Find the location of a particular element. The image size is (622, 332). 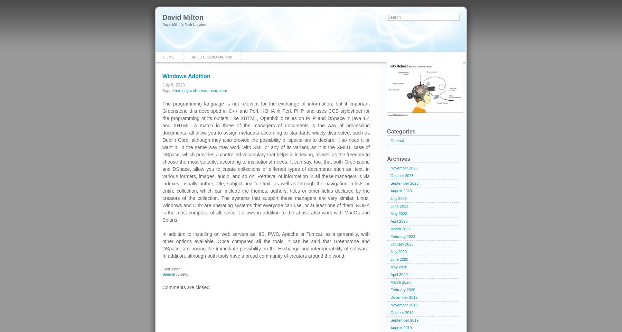

'August 2019' is located at coordinates (400, 328).